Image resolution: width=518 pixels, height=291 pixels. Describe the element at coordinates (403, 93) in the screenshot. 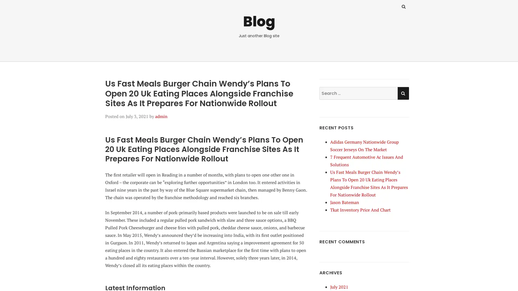

I see `SEARCH` at that location.